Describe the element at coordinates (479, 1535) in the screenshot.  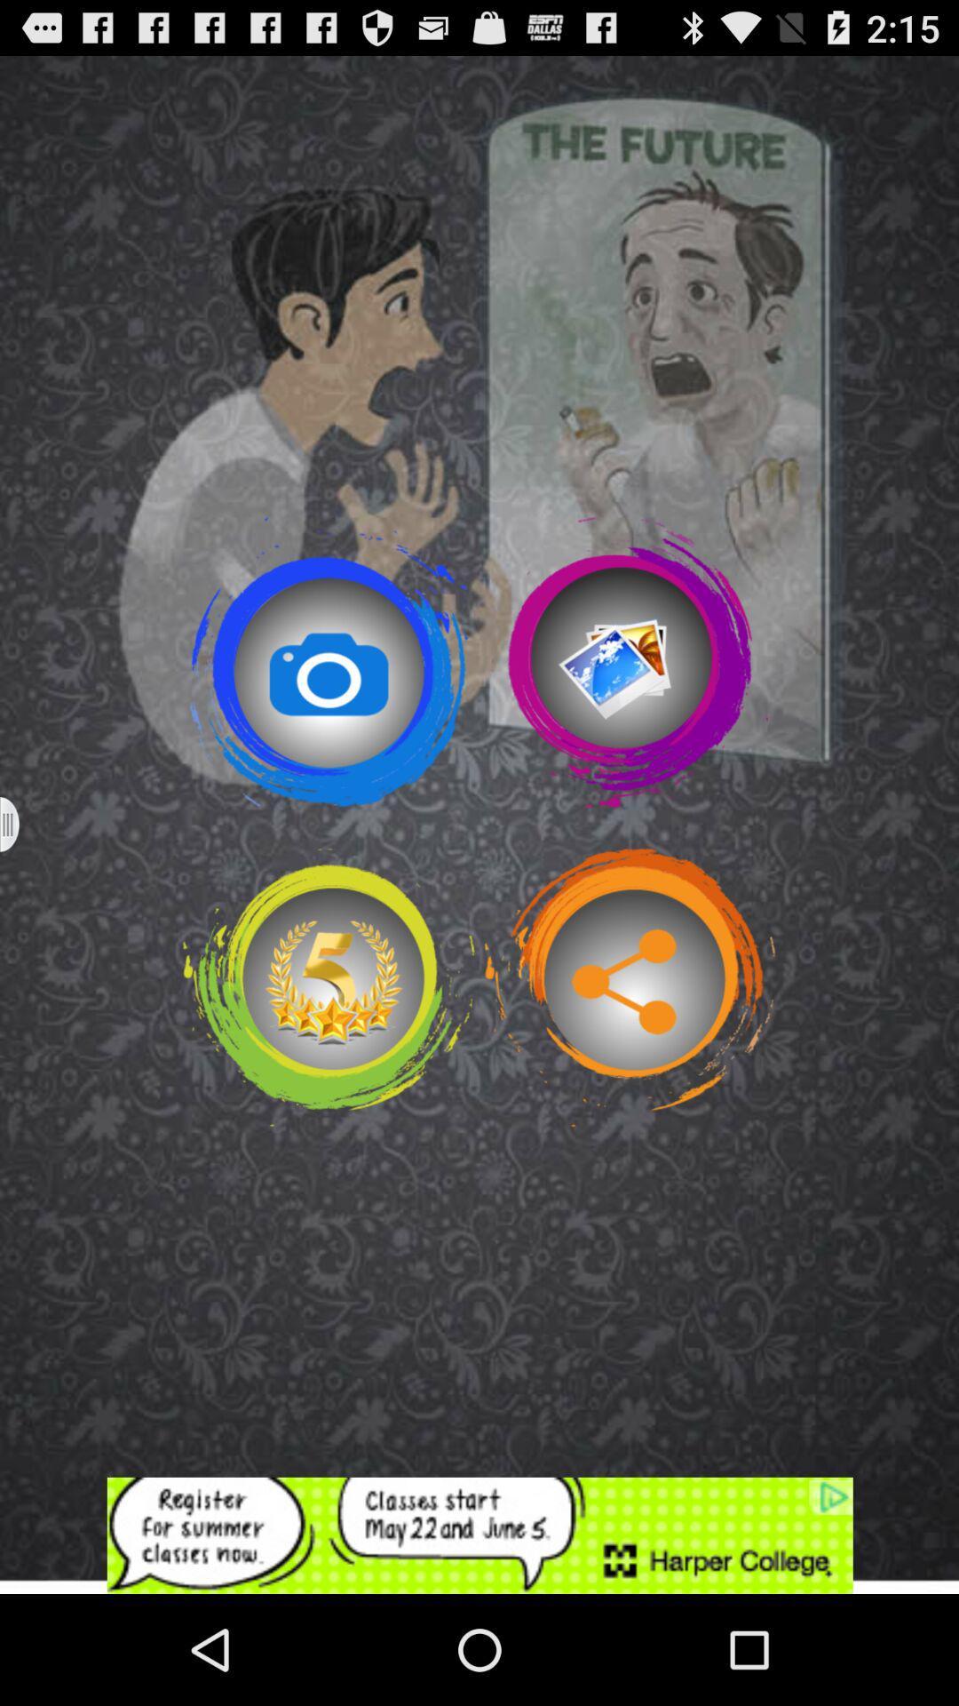
I see `see advertisement` at that location.